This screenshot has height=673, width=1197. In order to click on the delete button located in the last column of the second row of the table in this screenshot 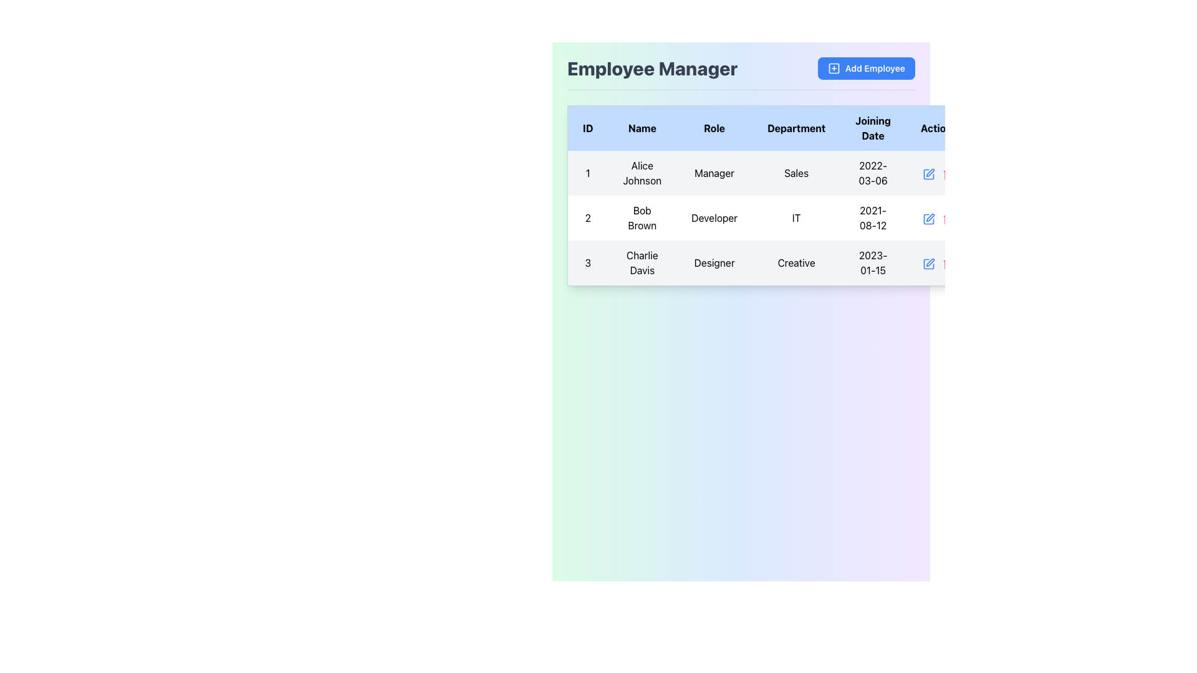, I will do `click(948, 217)`.